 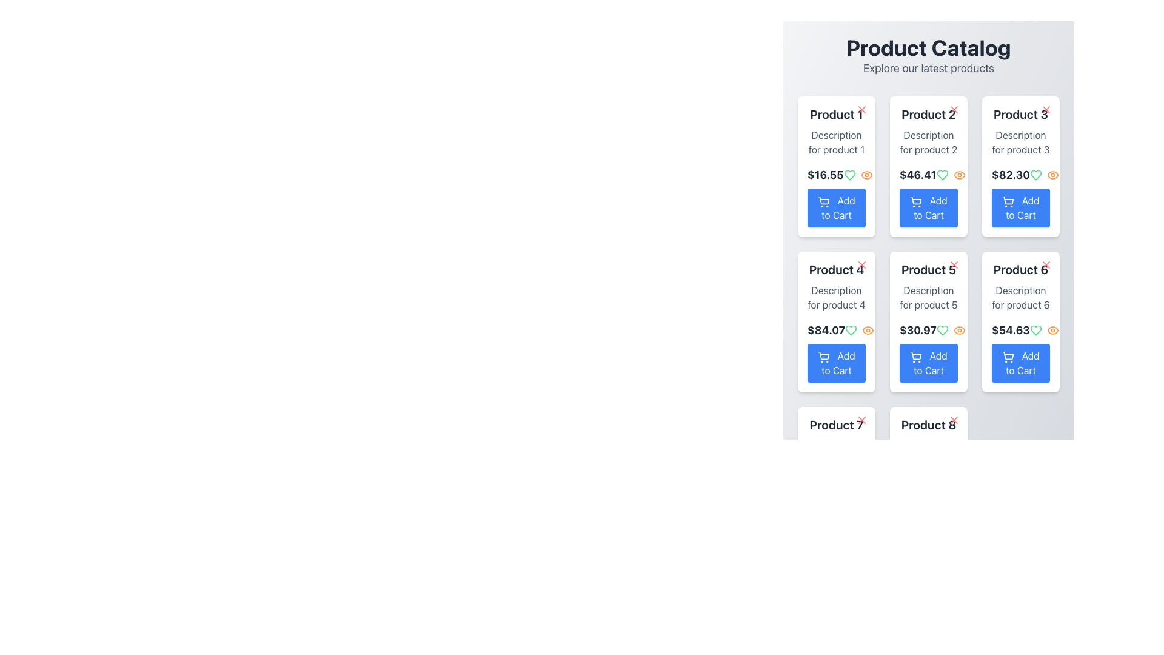 What do you see at coordinates (918, 175) in the screenshot?
I see `the price text element located within the second card labeled 'Product 2' in the first row of the grid layout` at bounding box center [918, 175].